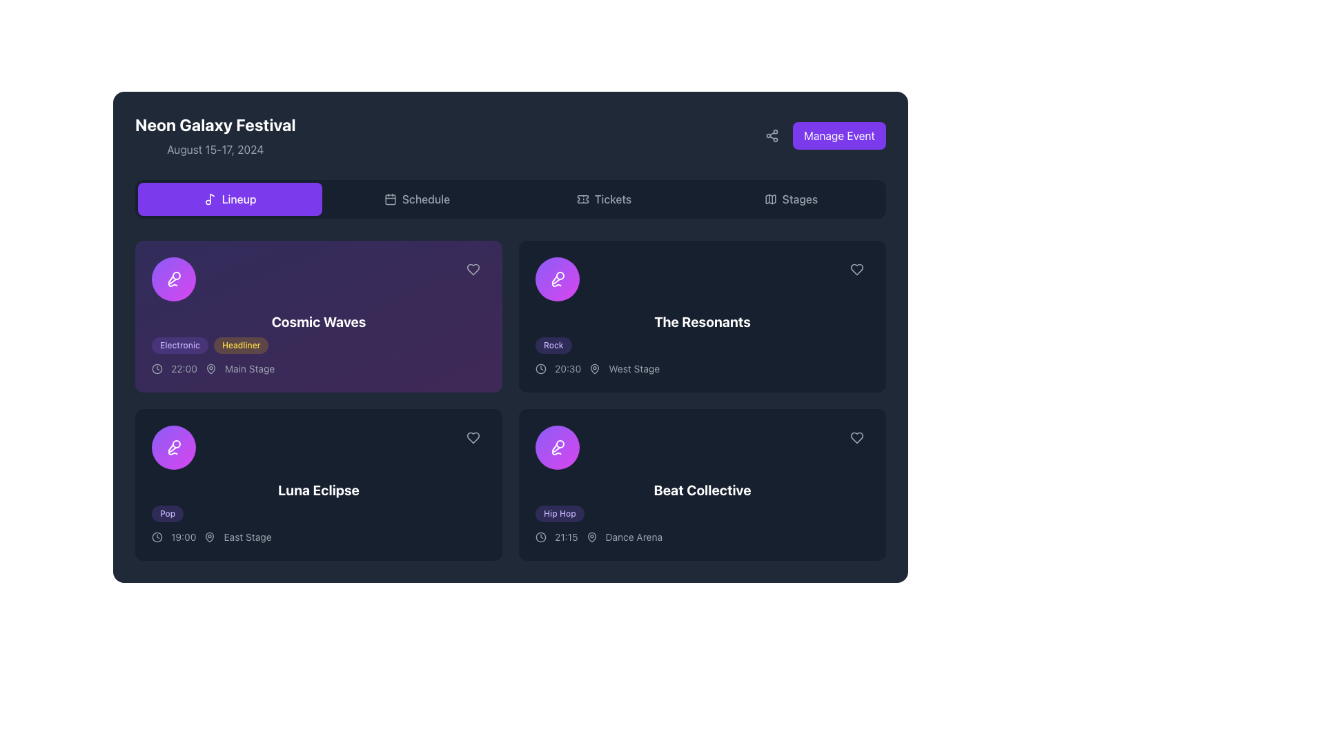  What do you see at coordinates (473, 438) in the screenshot?
I see `the heart-shaped icon button with a gray border located in the bottom-right corner of the 'Luna Eclipse' event card to favorite the event` at bounding box center [473, 438].